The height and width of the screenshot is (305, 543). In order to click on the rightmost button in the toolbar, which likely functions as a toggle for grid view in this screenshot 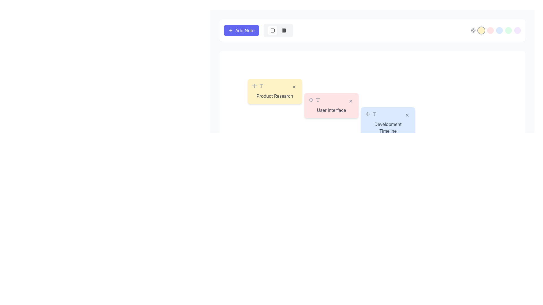, I will do `click(284, 30)`.